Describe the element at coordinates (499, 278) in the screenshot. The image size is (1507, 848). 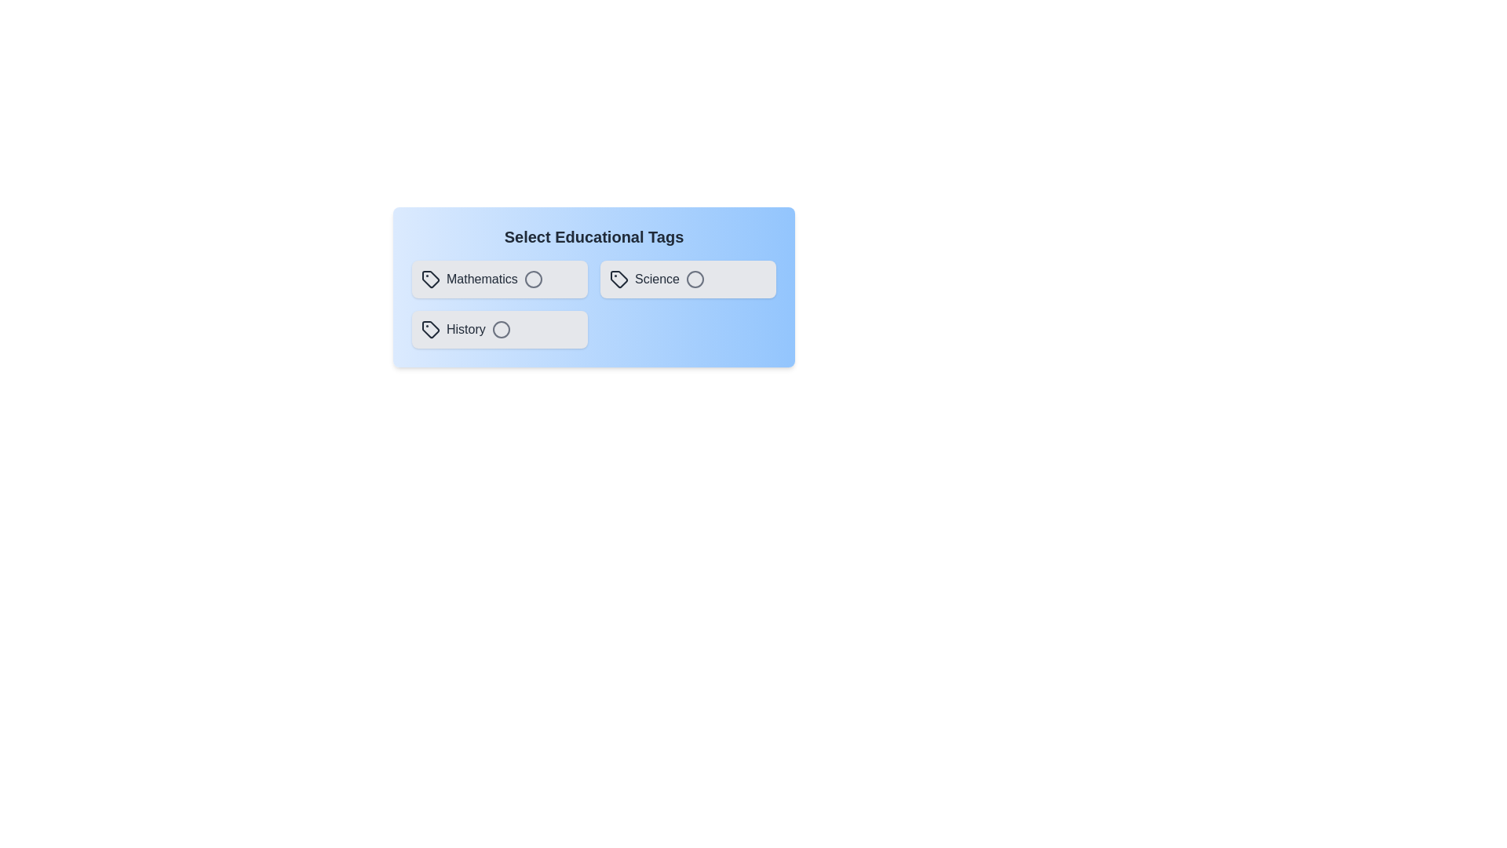
I see `the tag Mathematics` at that location.